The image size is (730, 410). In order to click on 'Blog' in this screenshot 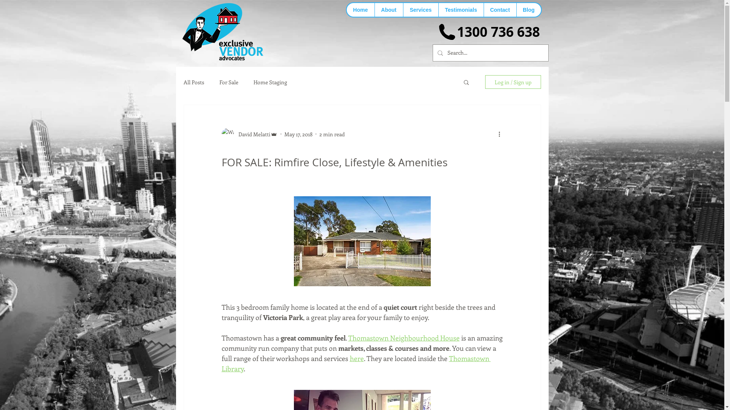, I will do `click(516, 10)`.